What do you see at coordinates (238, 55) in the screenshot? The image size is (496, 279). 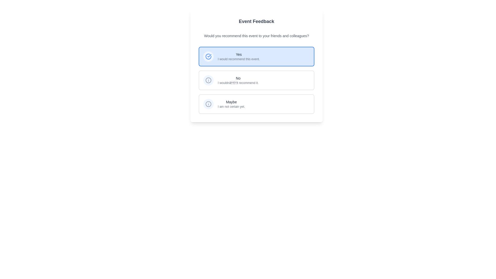 I see `the text label displaying 'Yes', which is part of a choice group for recommending an event, positioned prominently at the top left of the question section` at bounding box center [238, 55].